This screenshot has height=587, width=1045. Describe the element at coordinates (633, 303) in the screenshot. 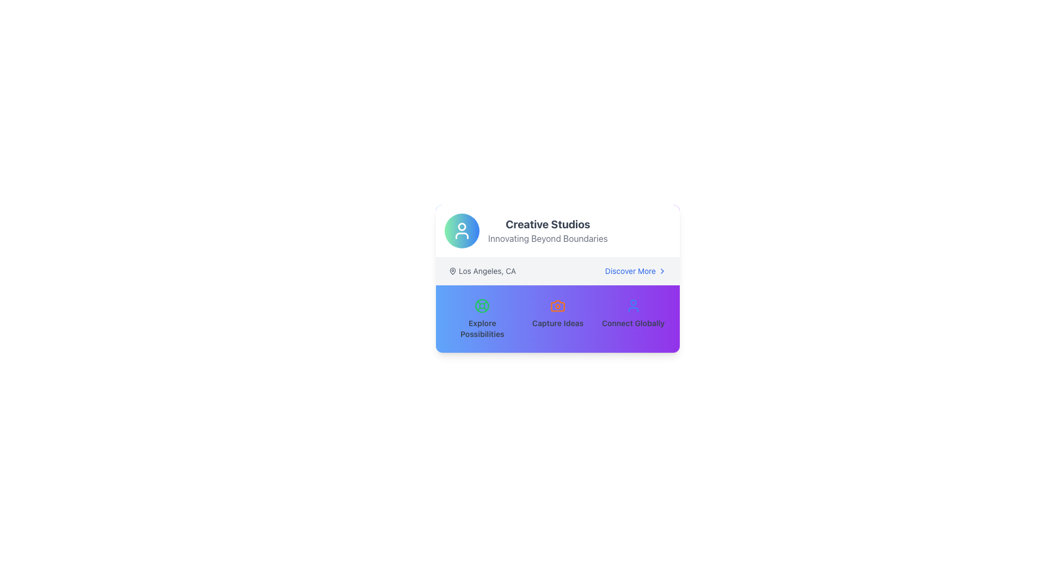

I see `the user icon graphic component representing the user's profile image, located at the top-left corner of the user icon within the card layout` at that location.